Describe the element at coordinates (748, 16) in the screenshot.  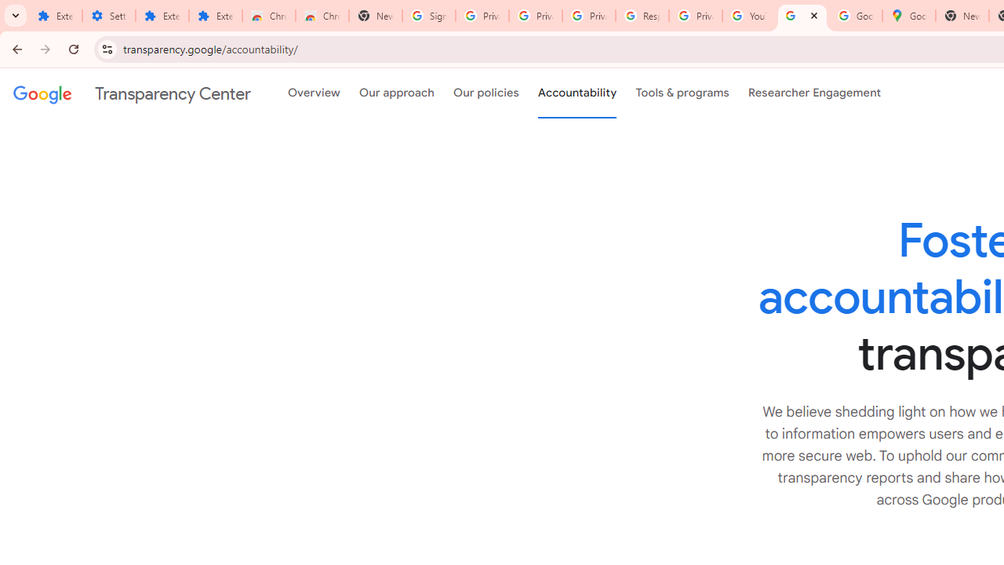
I see `'YouTube'` at that location.